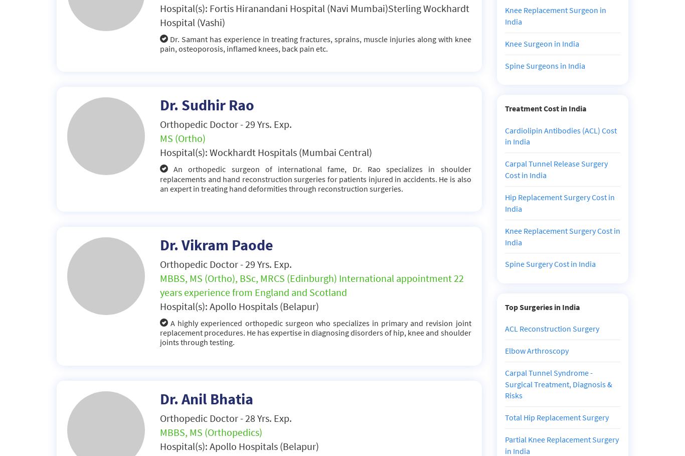  Describe the element at coordinates (555, 169) in the screenshot. I see `'Carpal Tunnel Release Surgery Cost in India'` at that location.